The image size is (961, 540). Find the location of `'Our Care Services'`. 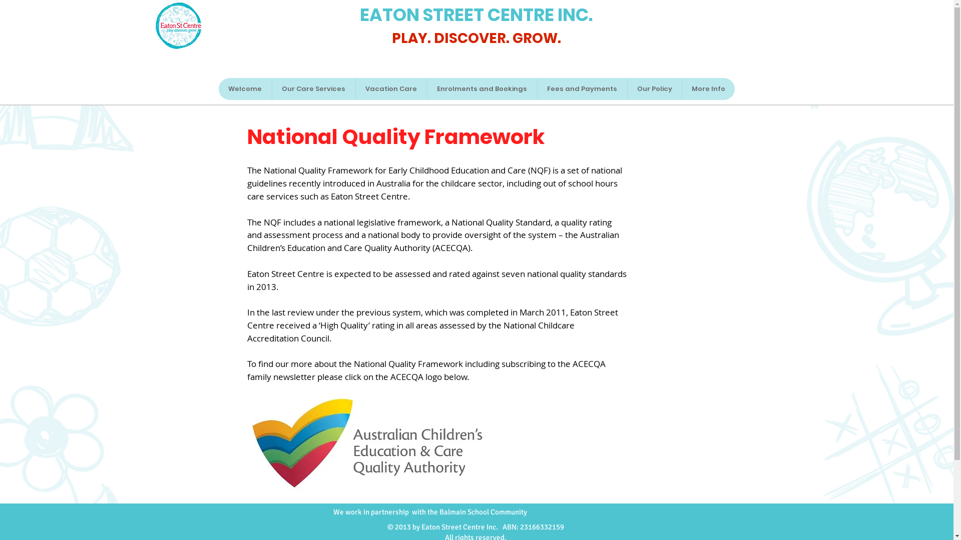

'Our Care Services' is located at coordinates (312, 88).